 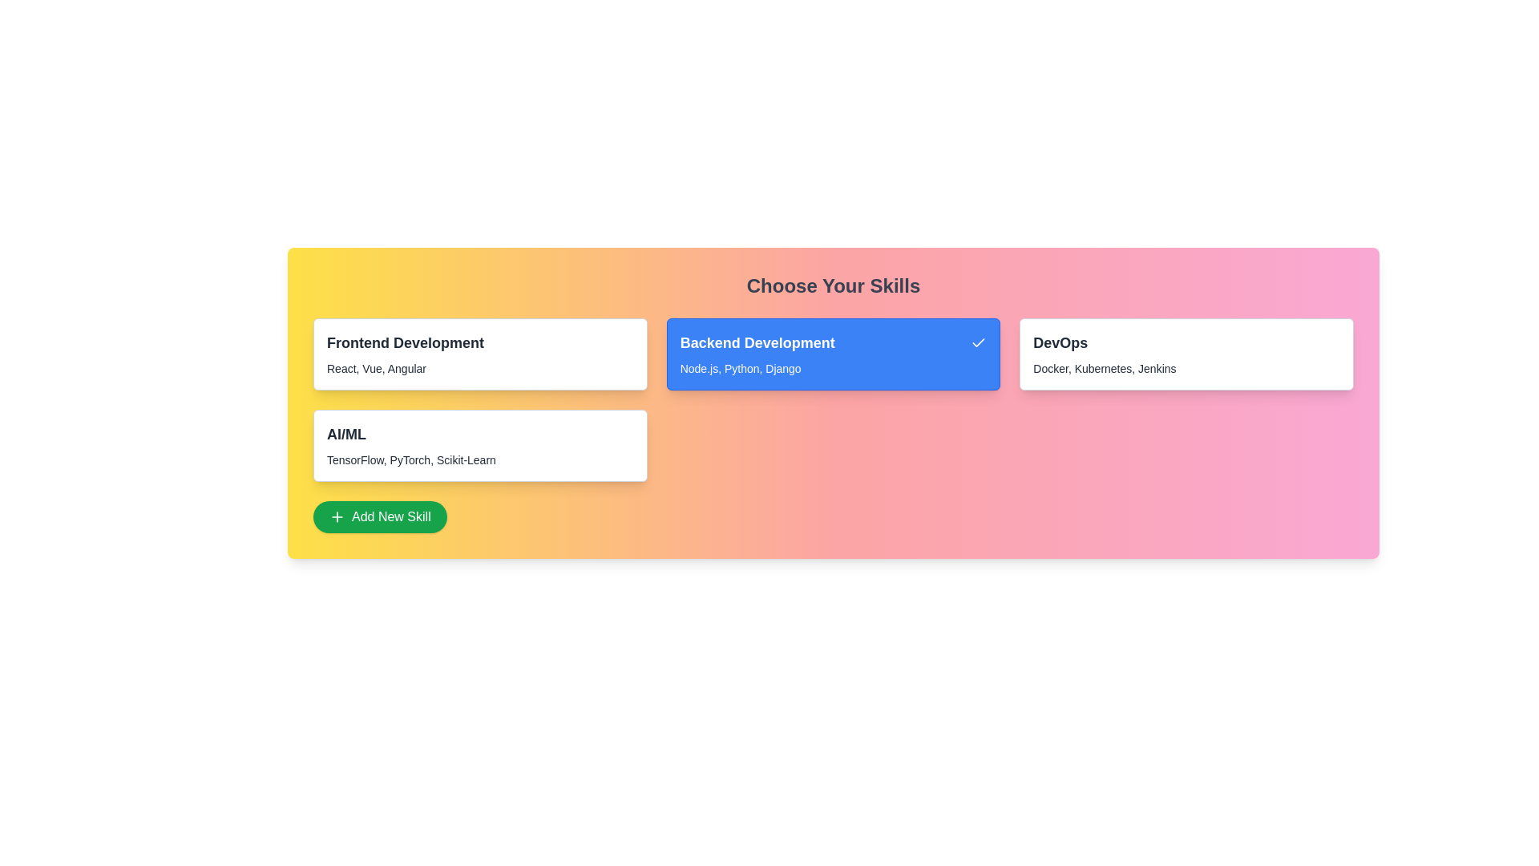 I want to click on the skill card labeled Backend Development, so click(x=834, y=354).